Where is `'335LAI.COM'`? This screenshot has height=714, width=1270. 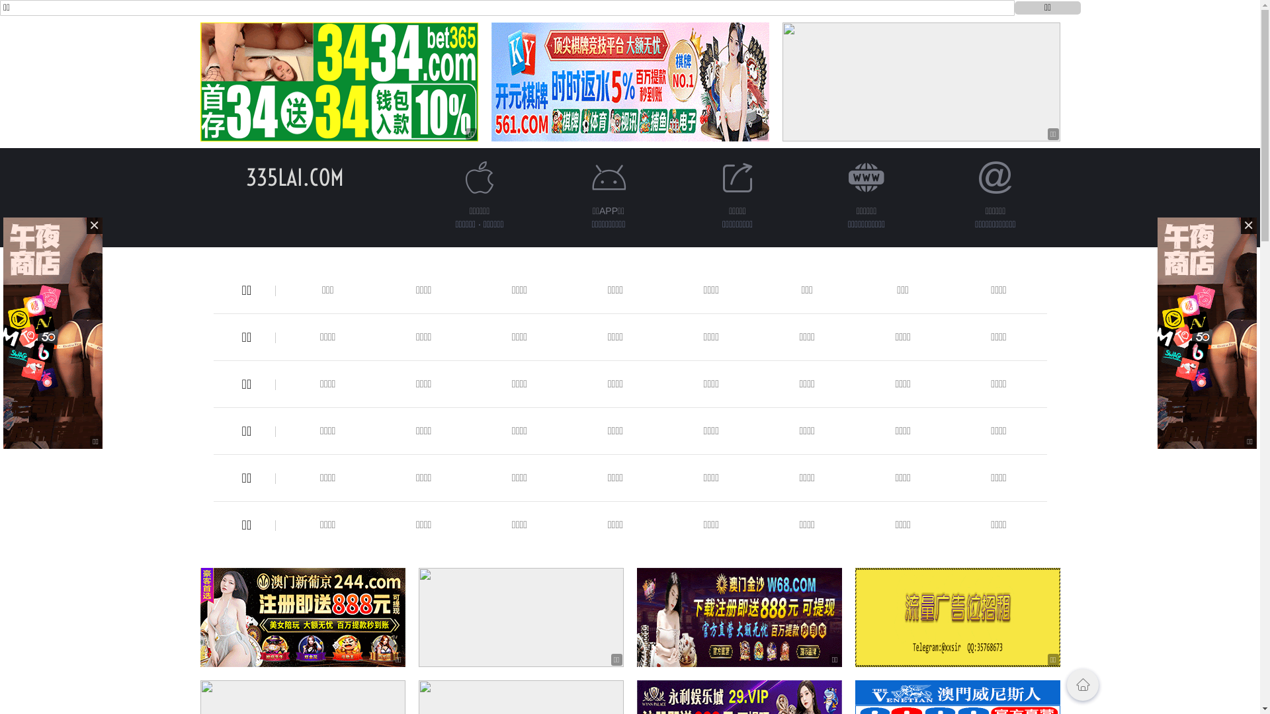 '335LAI.COM' is located at coordinates (294, 177).